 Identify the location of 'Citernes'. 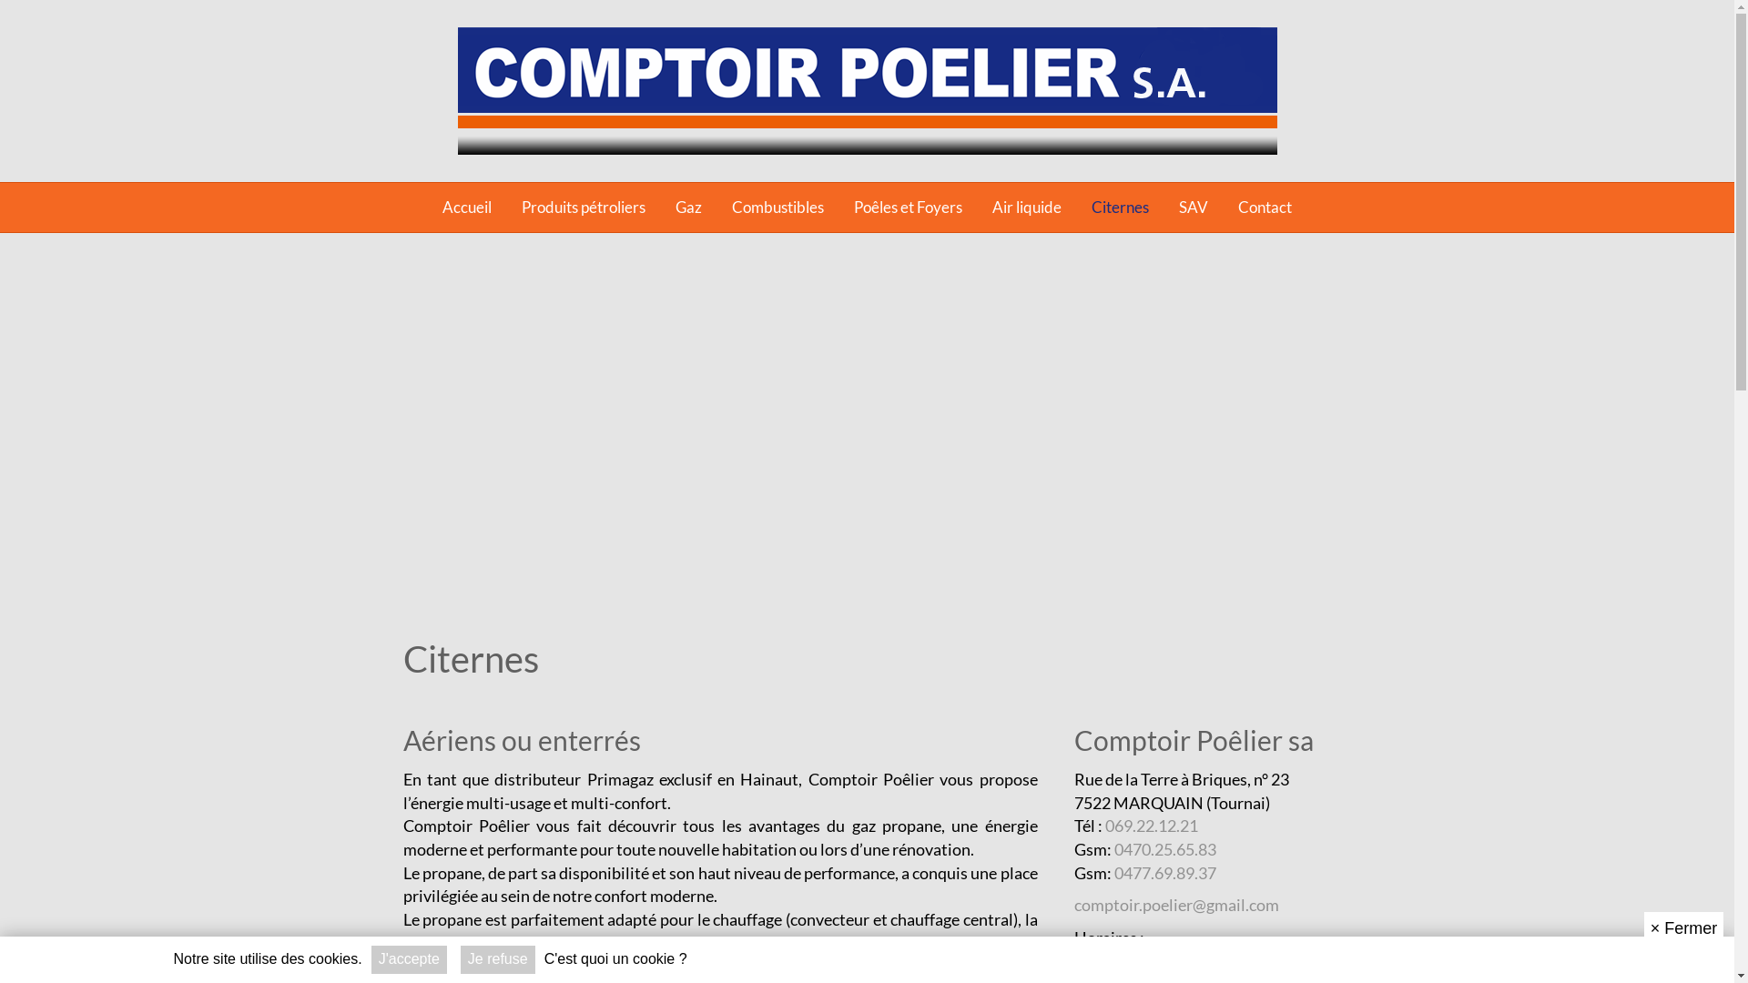
(1119, 206).